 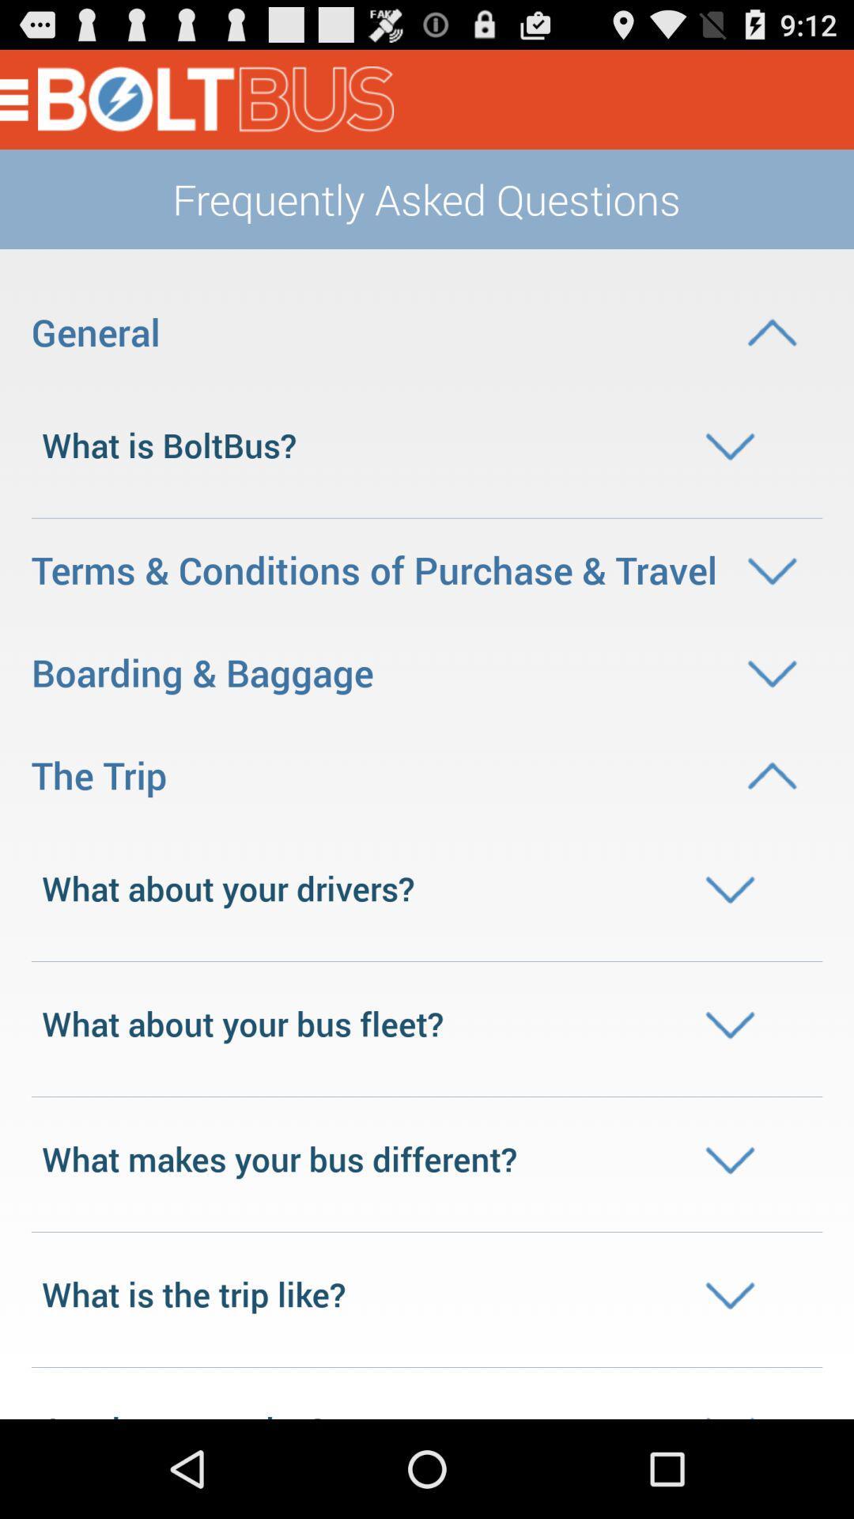 What do you see at coordinates (427, 331) in the screenshot?
I see `the text general` at bounding box center [427, 331].